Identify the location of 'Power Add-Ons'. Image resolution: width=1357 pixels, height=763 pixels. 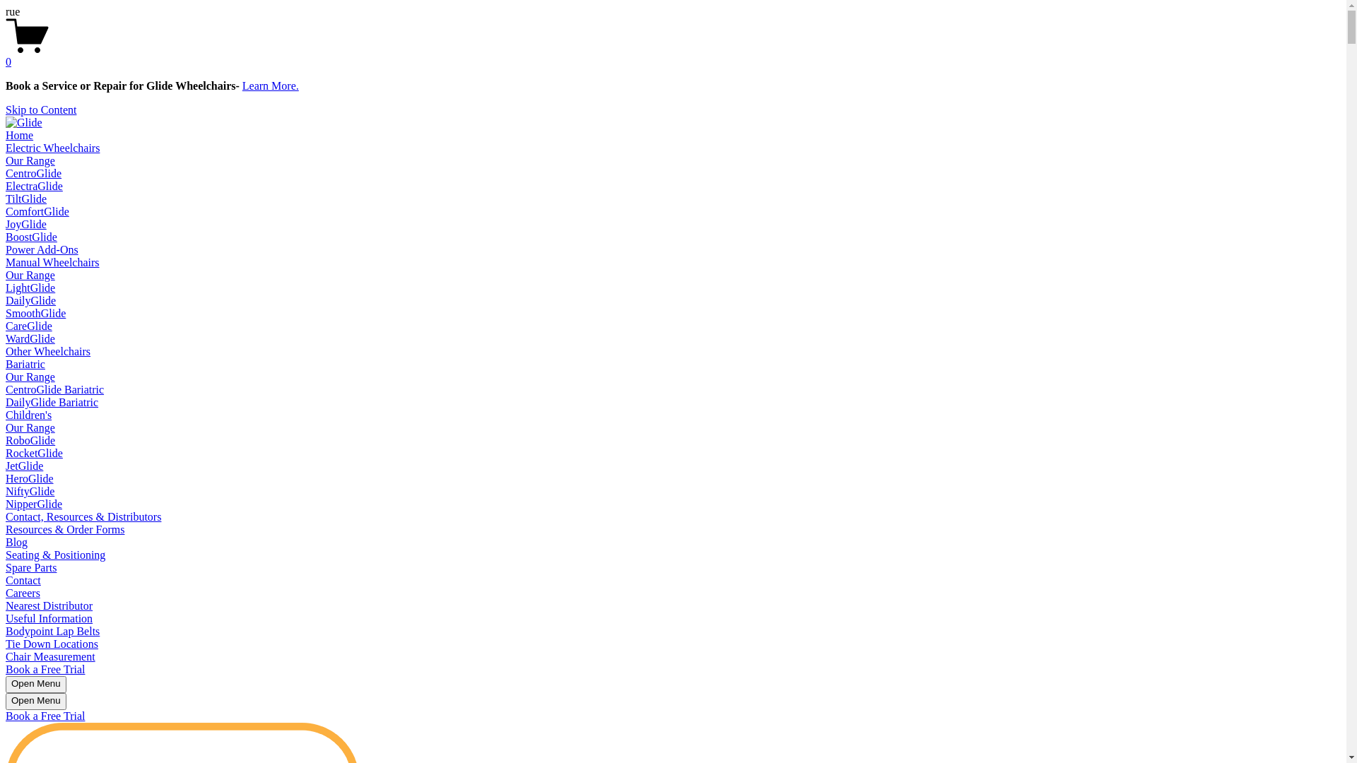
(42, 249).